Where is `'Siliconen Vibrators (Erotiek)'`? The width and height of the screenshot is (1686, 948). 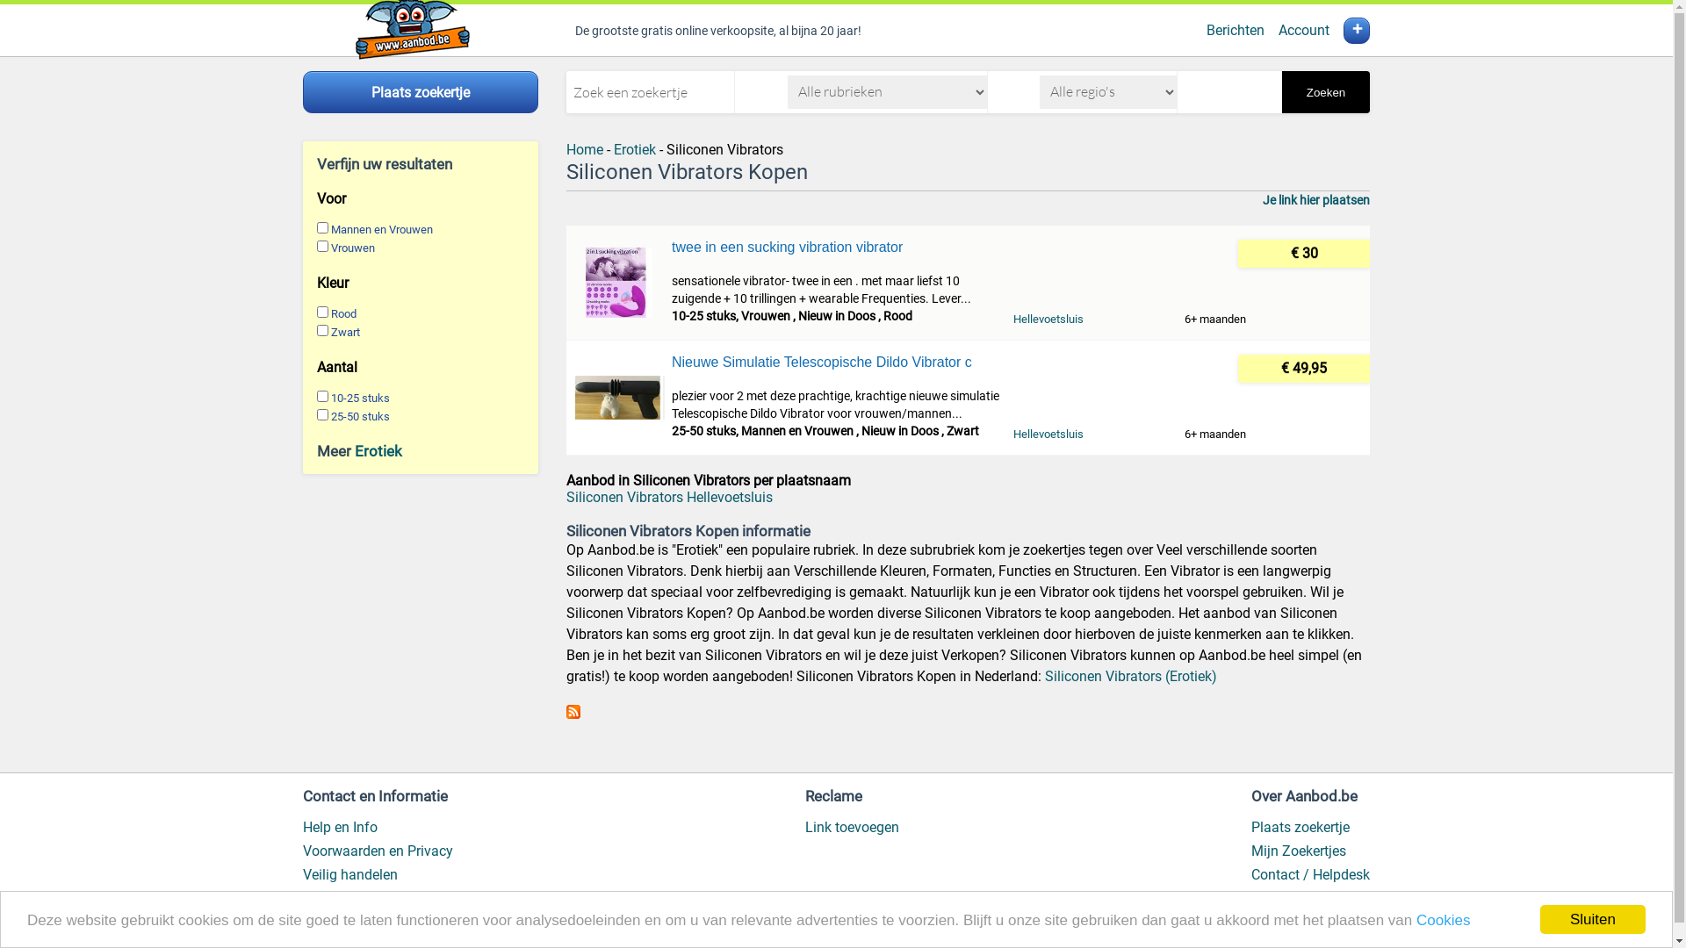 'Siliconen Vibrators (Erotiek)' is located at coordinates (1045, 675).